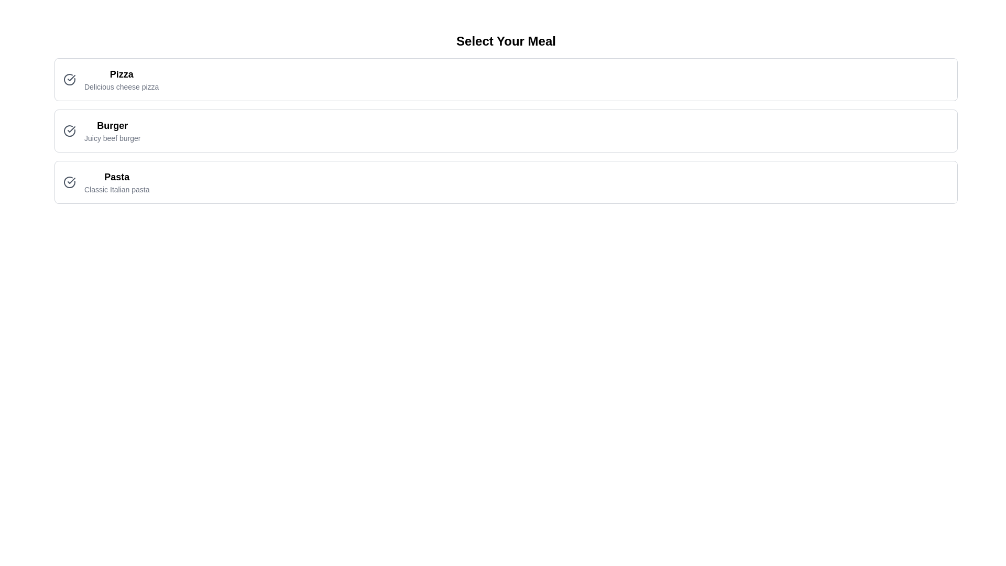  I want to click on the circular gray checkmark icon located to the far left of the 'Burger' section, which precedes the textual label and description, so click(69, 130).